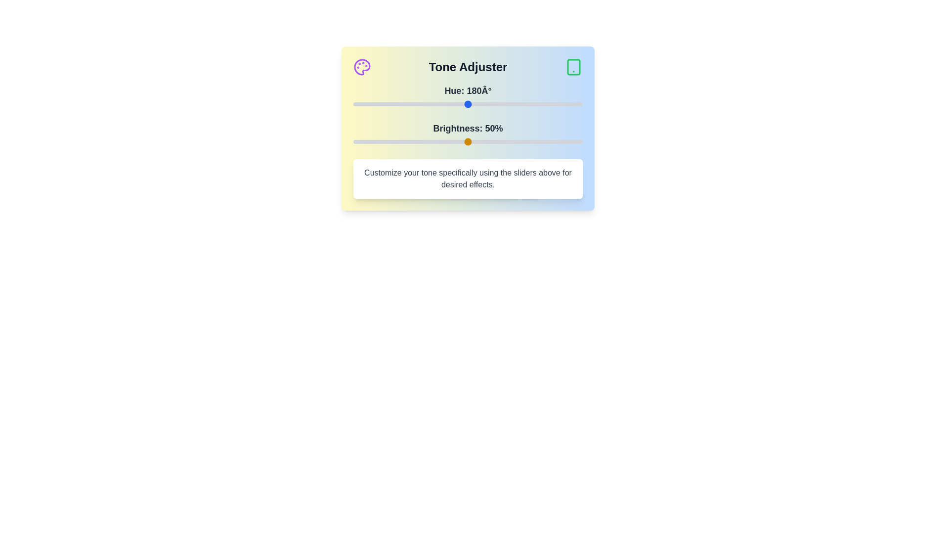 The height and width of the screenshot is (534, 949). What do you see at coordinates (366, 141) in the screenshot?
I see `the brightness slider to 6%` at bounding box center [366, 141].